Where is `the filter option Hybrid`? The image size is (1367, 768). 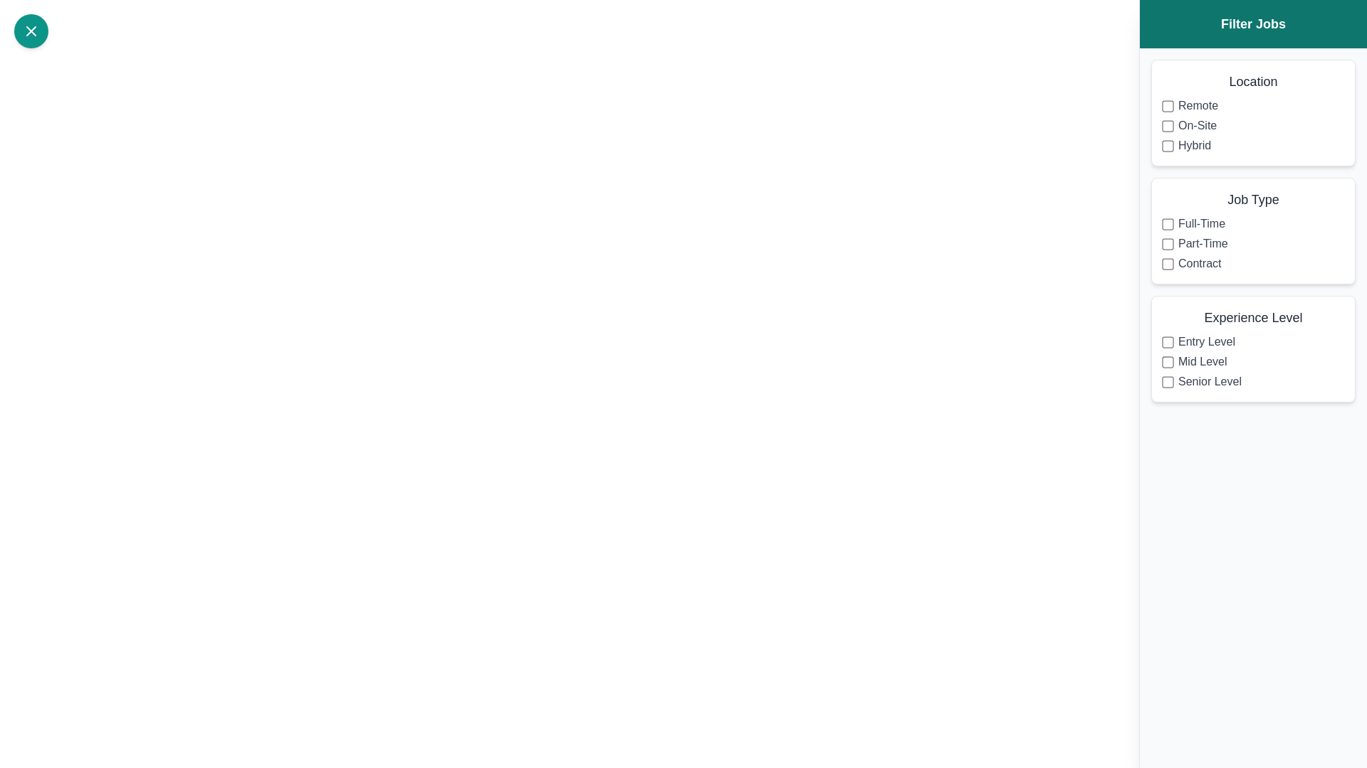
the filter option Hybrid is located at coordinates (1168, 145).